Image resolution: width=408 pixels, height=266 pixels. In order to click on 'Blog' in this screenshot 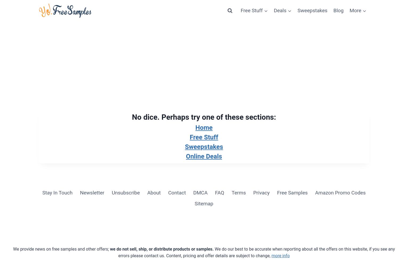, I will do `click(338, 10)`.